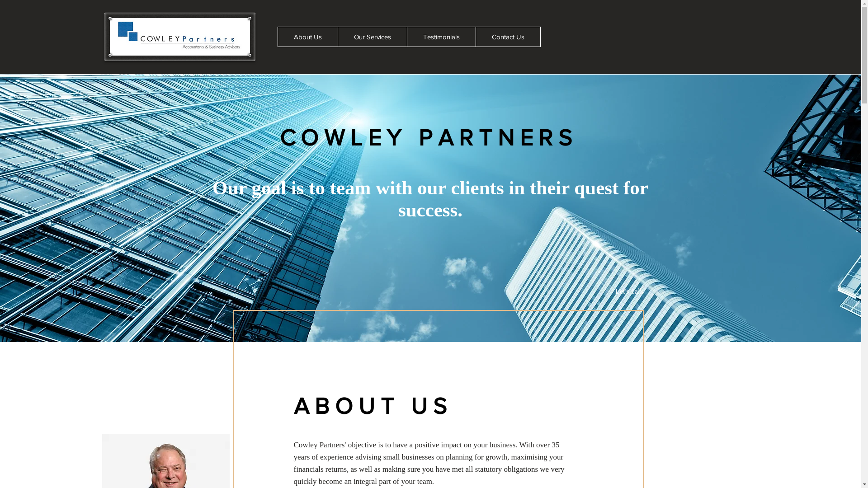 The height and width of the screenshot is (488, 868). Describe the element at coordinates (508, 36) in the screenshot. I see `'Contact Us'` at that location.